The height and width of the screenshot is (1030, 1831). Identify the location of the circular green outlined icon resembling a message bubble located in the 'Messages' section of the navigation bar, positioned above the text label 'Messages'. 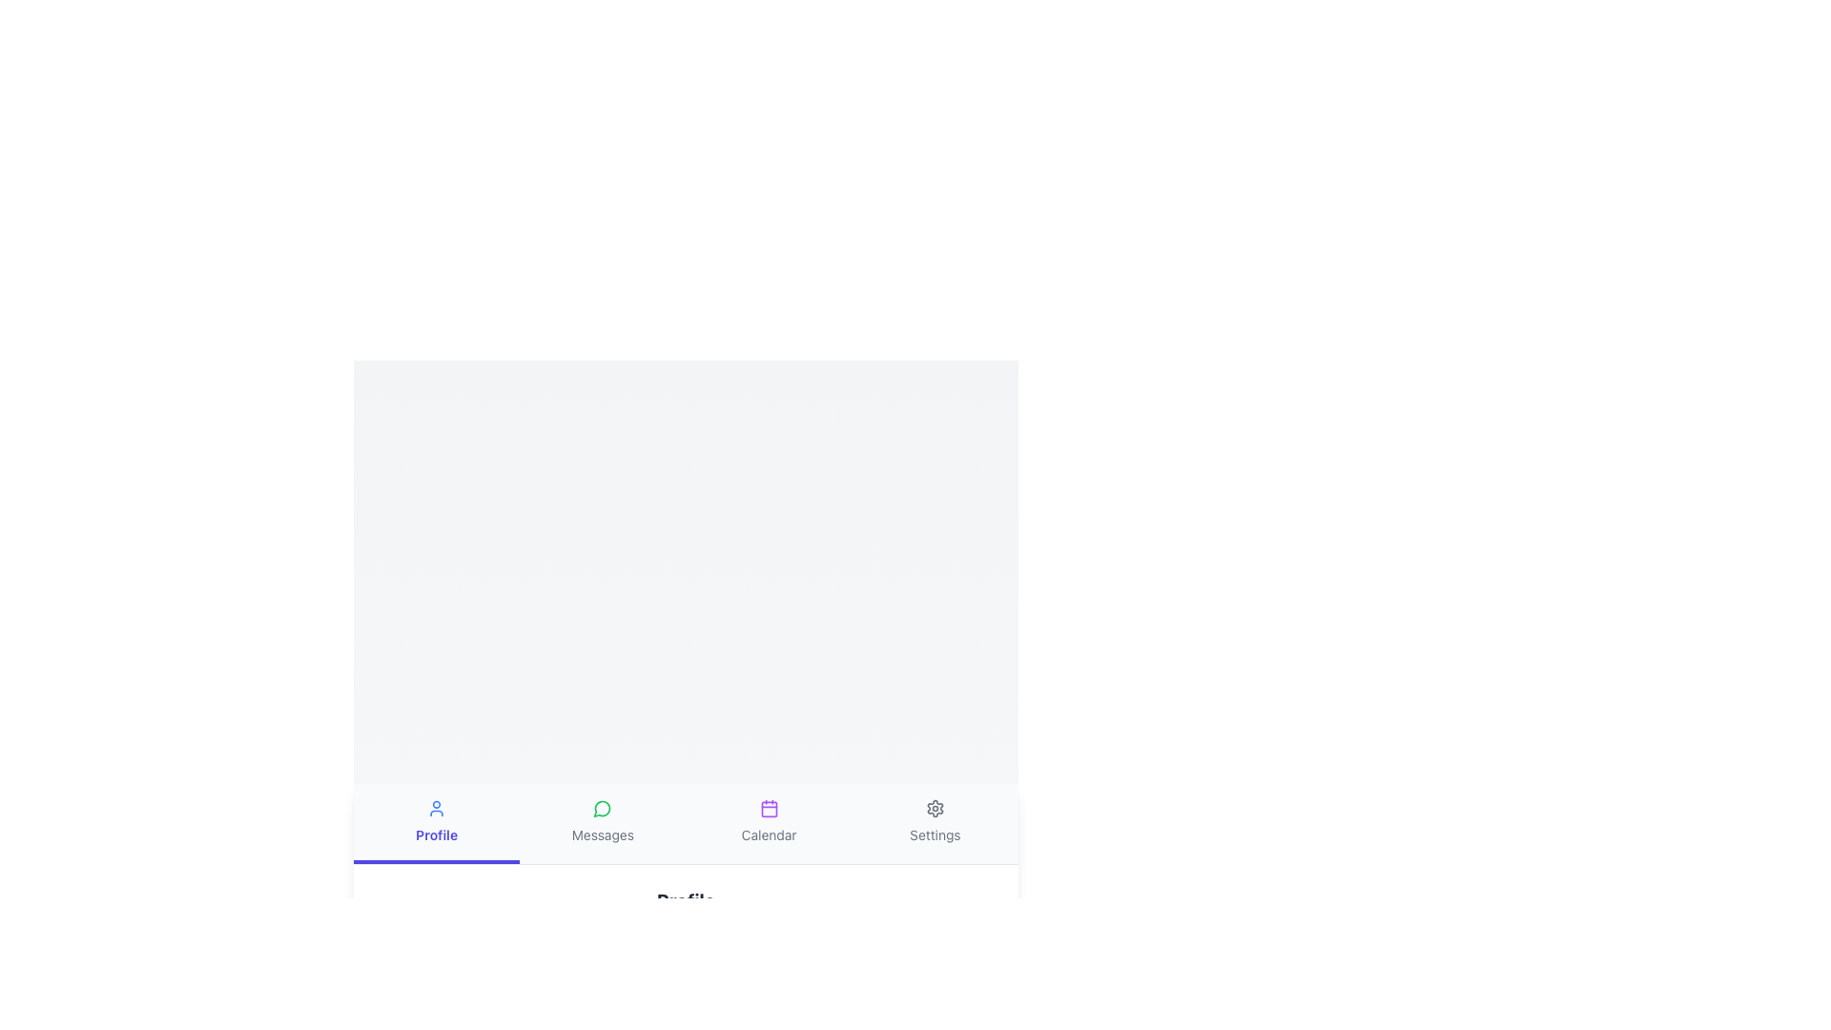
(602, 808).